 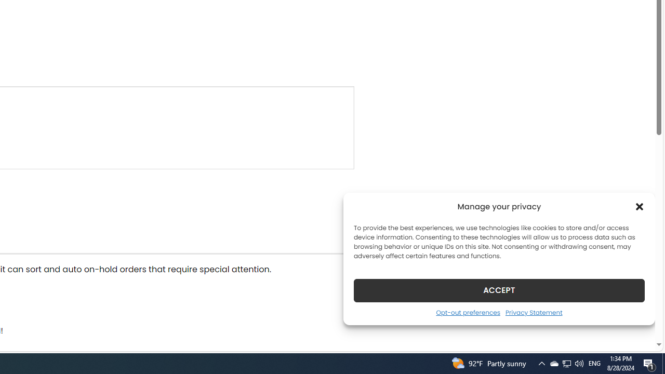 What do you see at coordinates (534, 312) in the screenshot?
I see `'Privacy Statement'` at bounding box center [534, 312].